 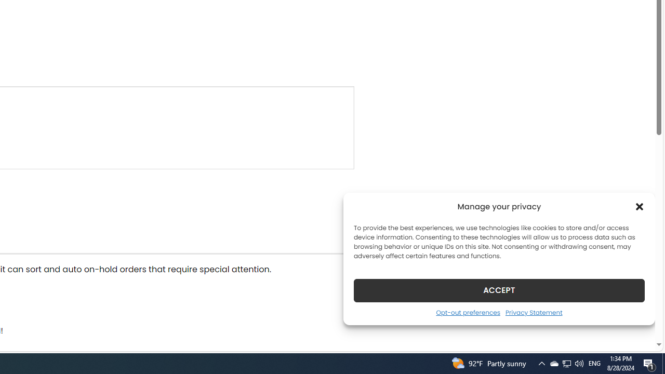 What do you see at coordinates (534, 312) in the screenshot?
I see `'Privacy Statement'` at bounding box center [534, 312].